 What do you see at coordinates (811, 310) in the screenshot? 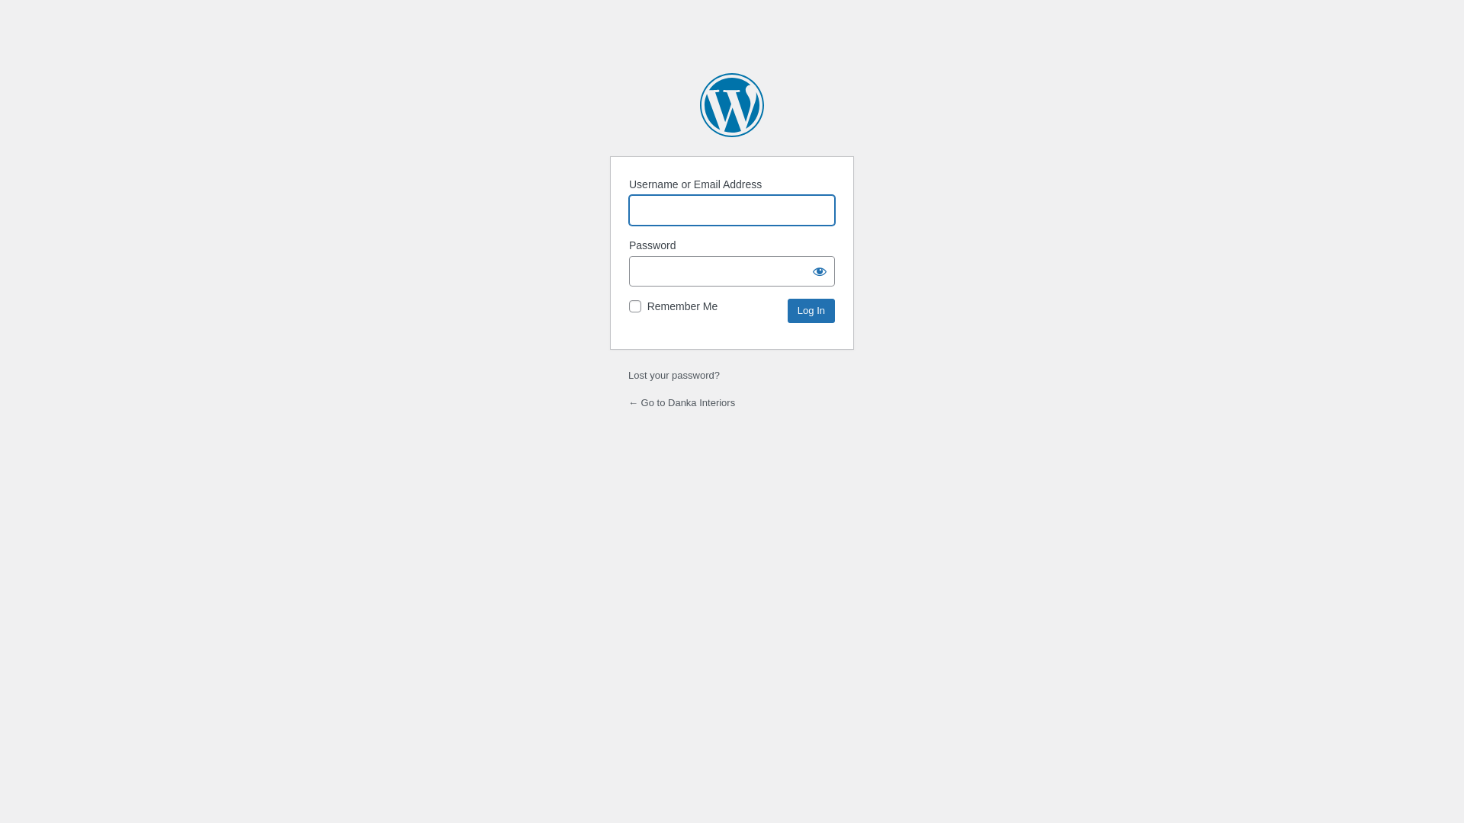
I see `'Log In'` at bounding box center [811, 310].